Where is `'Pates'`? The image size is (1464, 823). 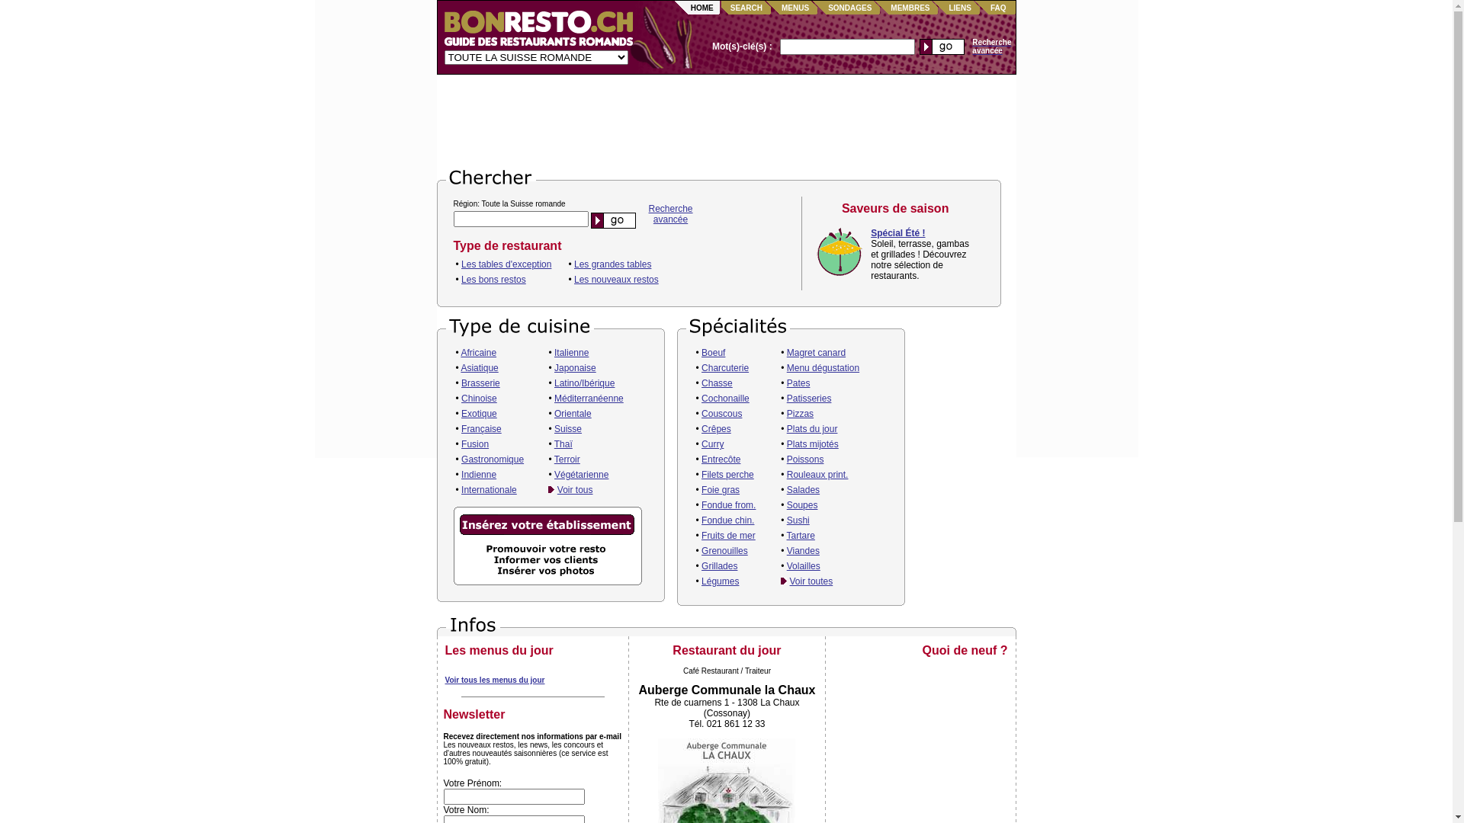
'Pates' is located at coordinates (798, 382).